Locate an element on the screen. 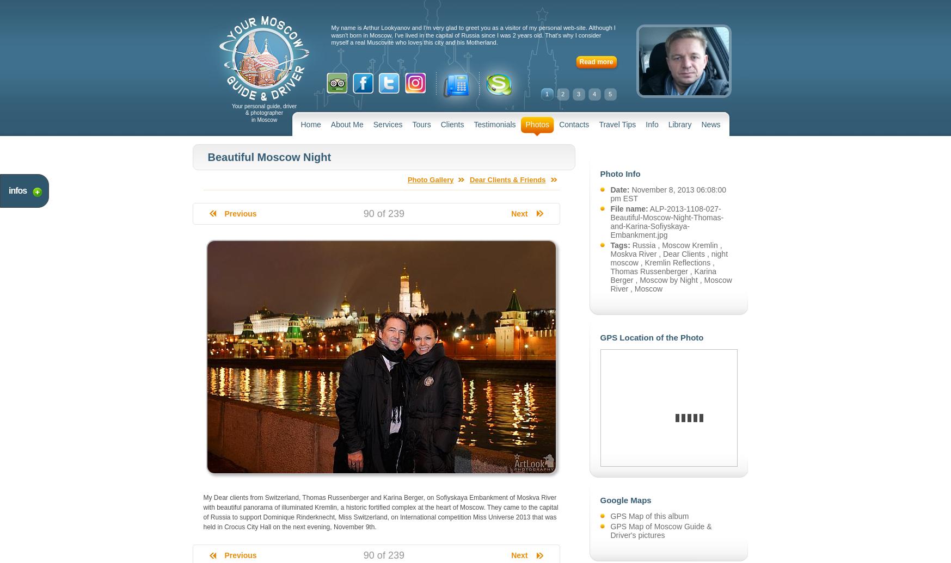 The width and height of the screenshot is (951, 563). 'night moscow' is located at coordinates (669, 258).